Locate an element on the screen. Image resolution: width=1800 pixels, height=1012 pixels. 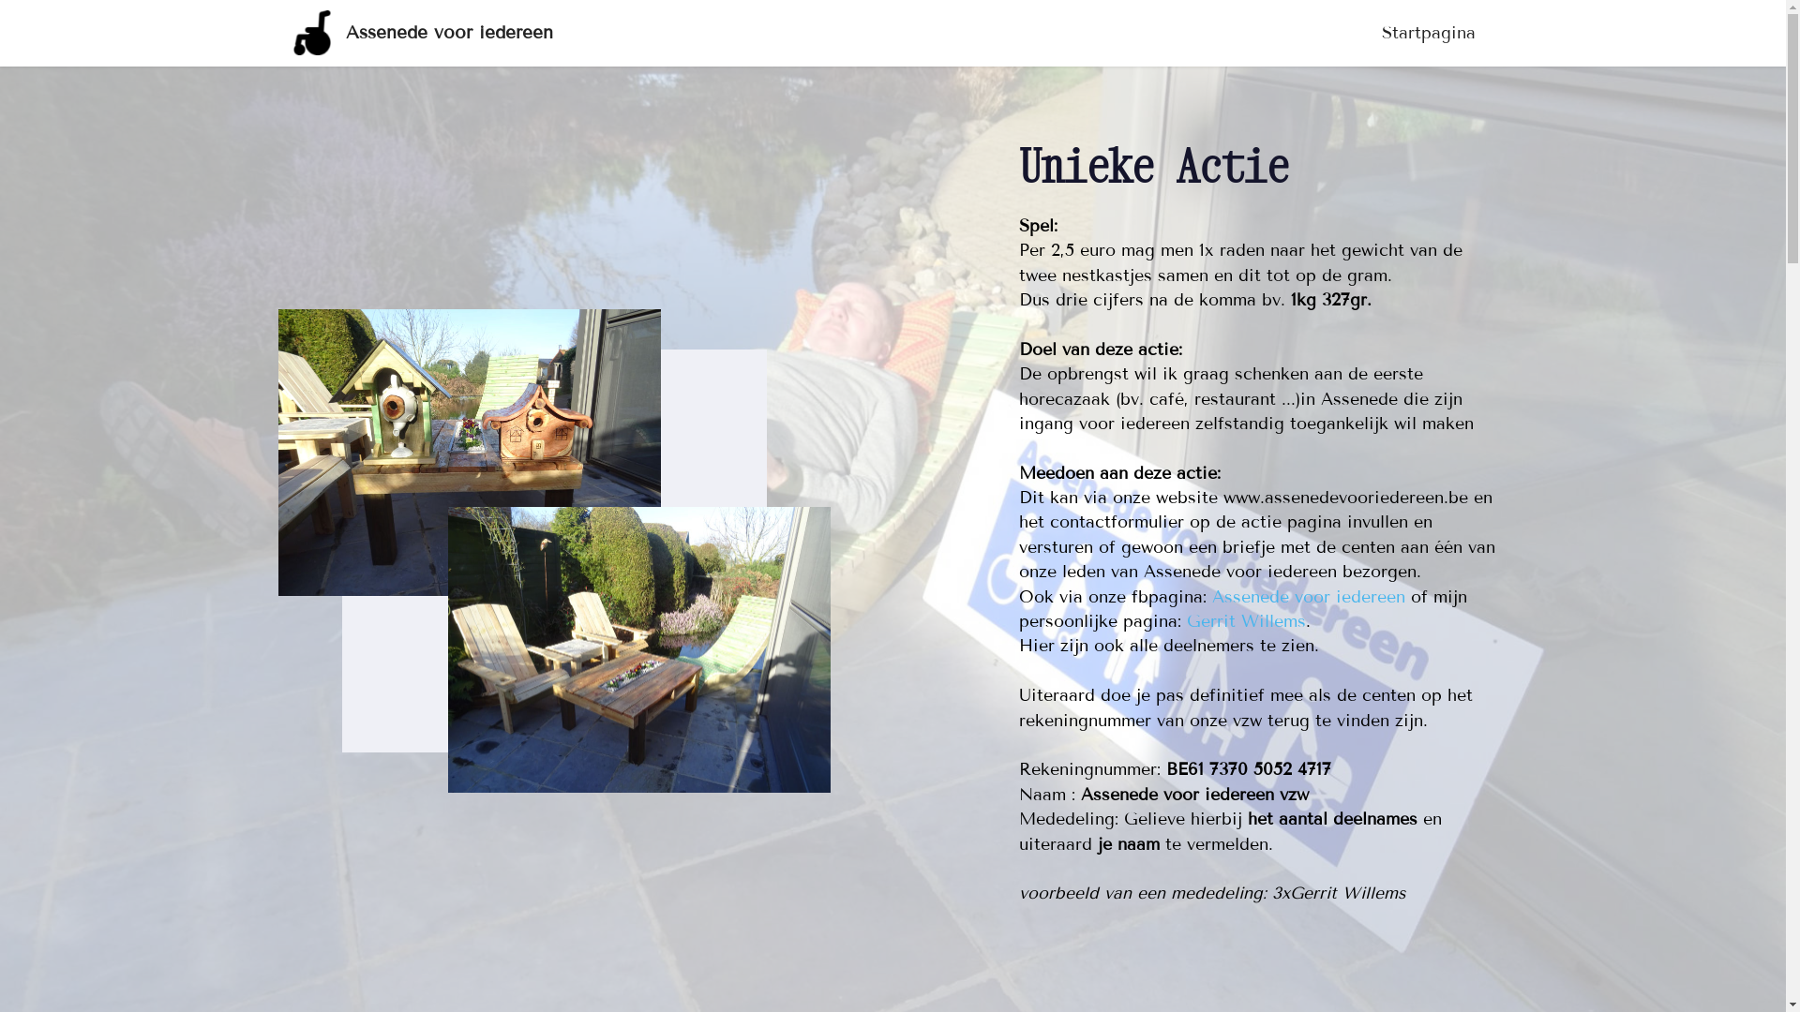
'Startpagina' is located at coordinates (1427, 32).